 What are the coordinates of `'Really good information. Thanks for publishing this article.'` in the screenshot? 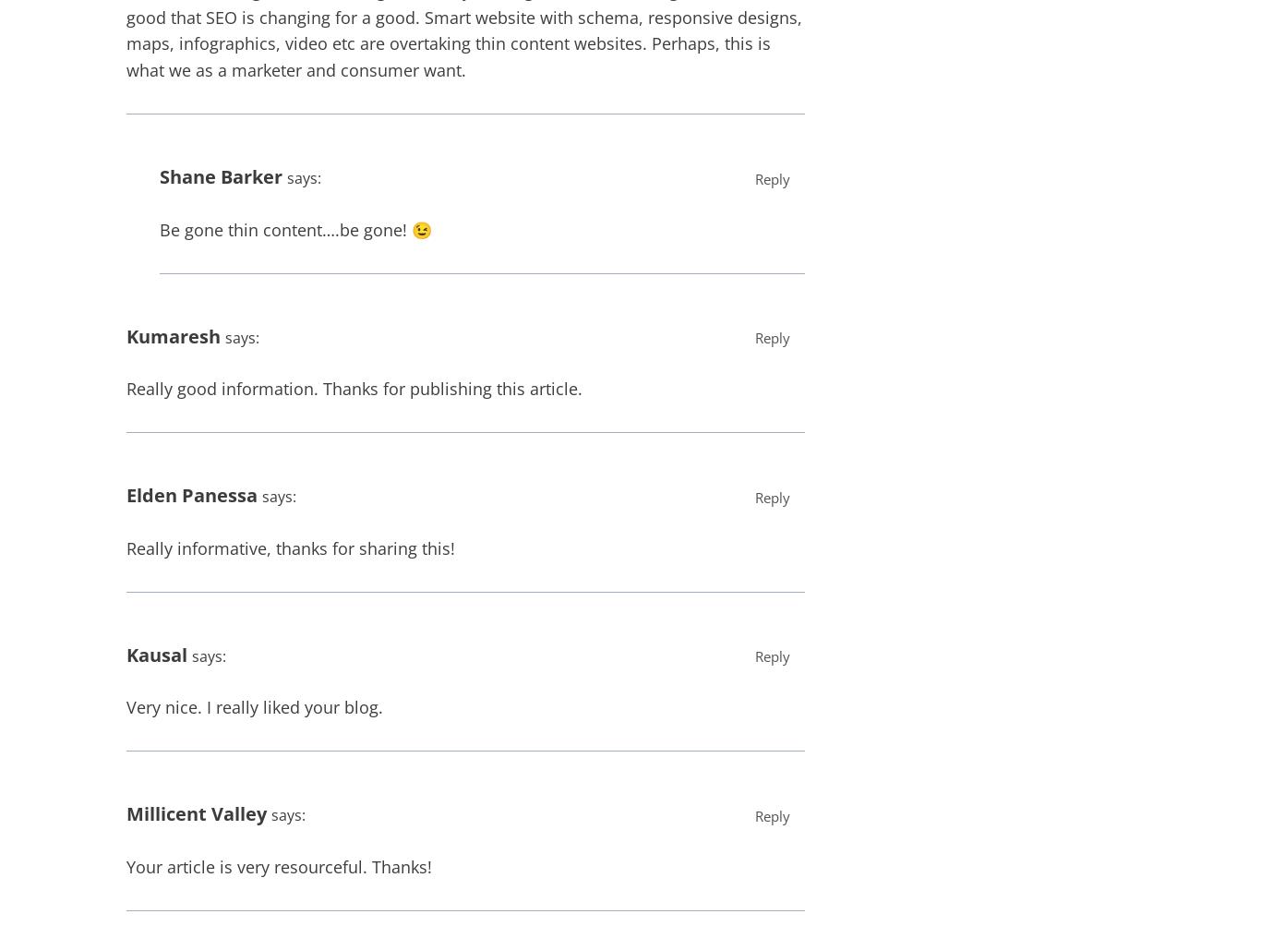 It's located at (353, 388).